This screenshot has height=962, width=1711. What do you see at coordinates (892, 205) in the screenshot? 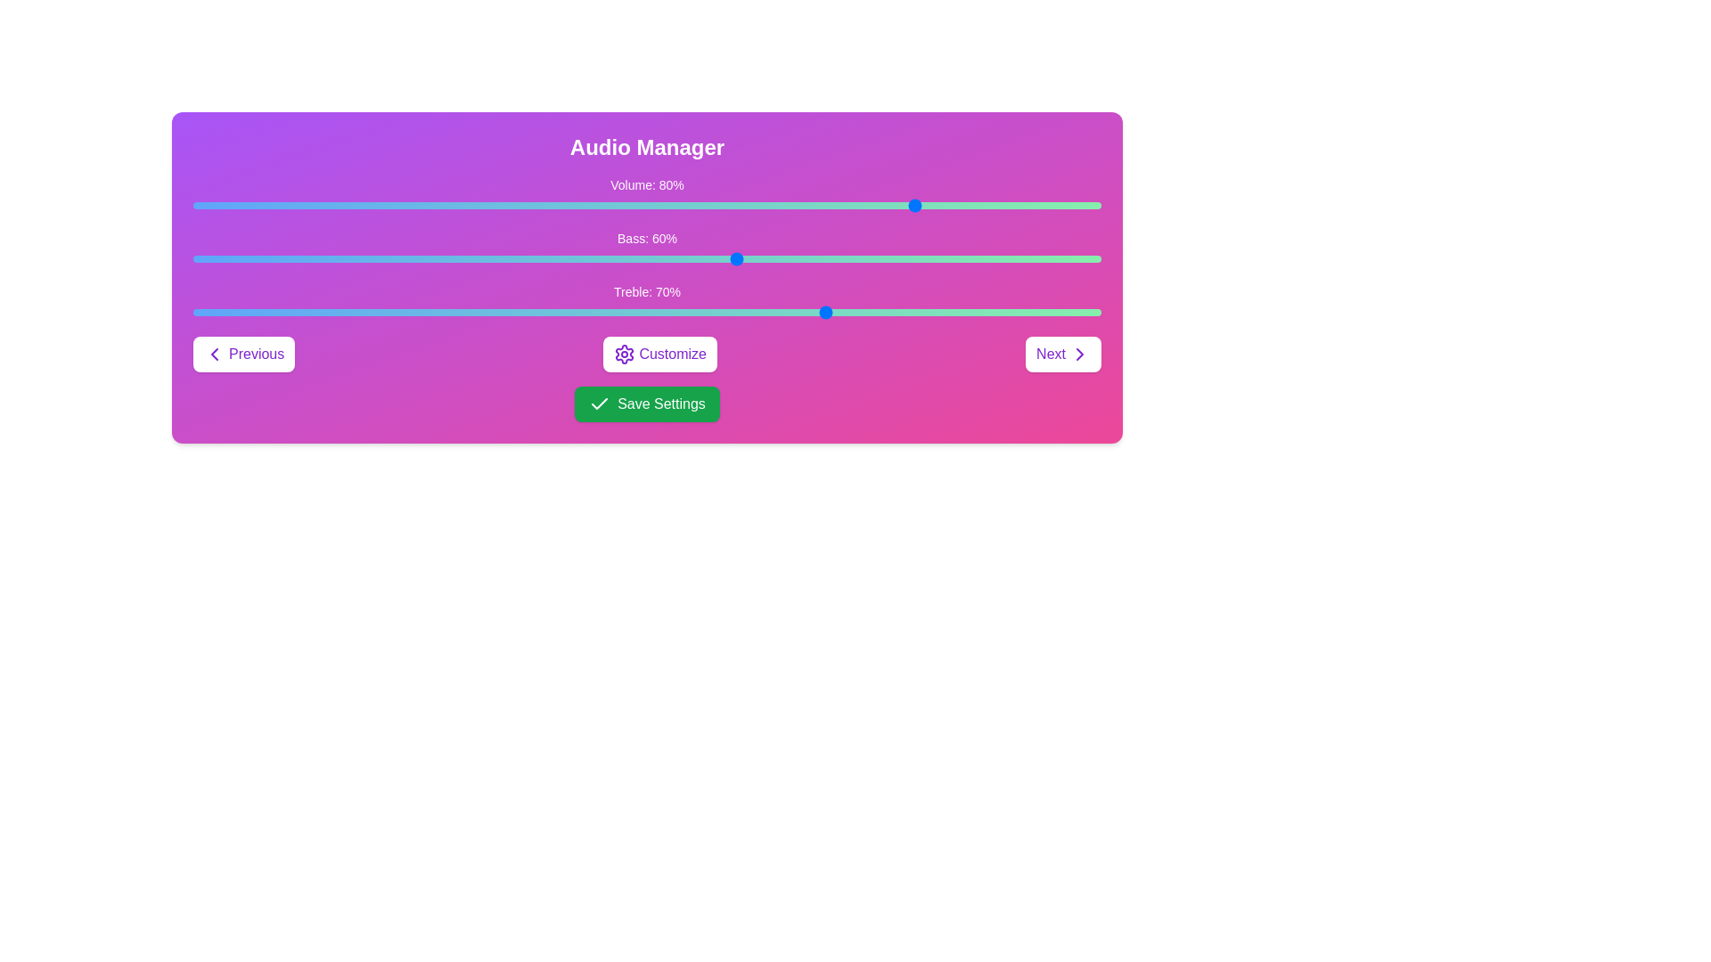
I see `the slider value` at bounding box center [892, 205].